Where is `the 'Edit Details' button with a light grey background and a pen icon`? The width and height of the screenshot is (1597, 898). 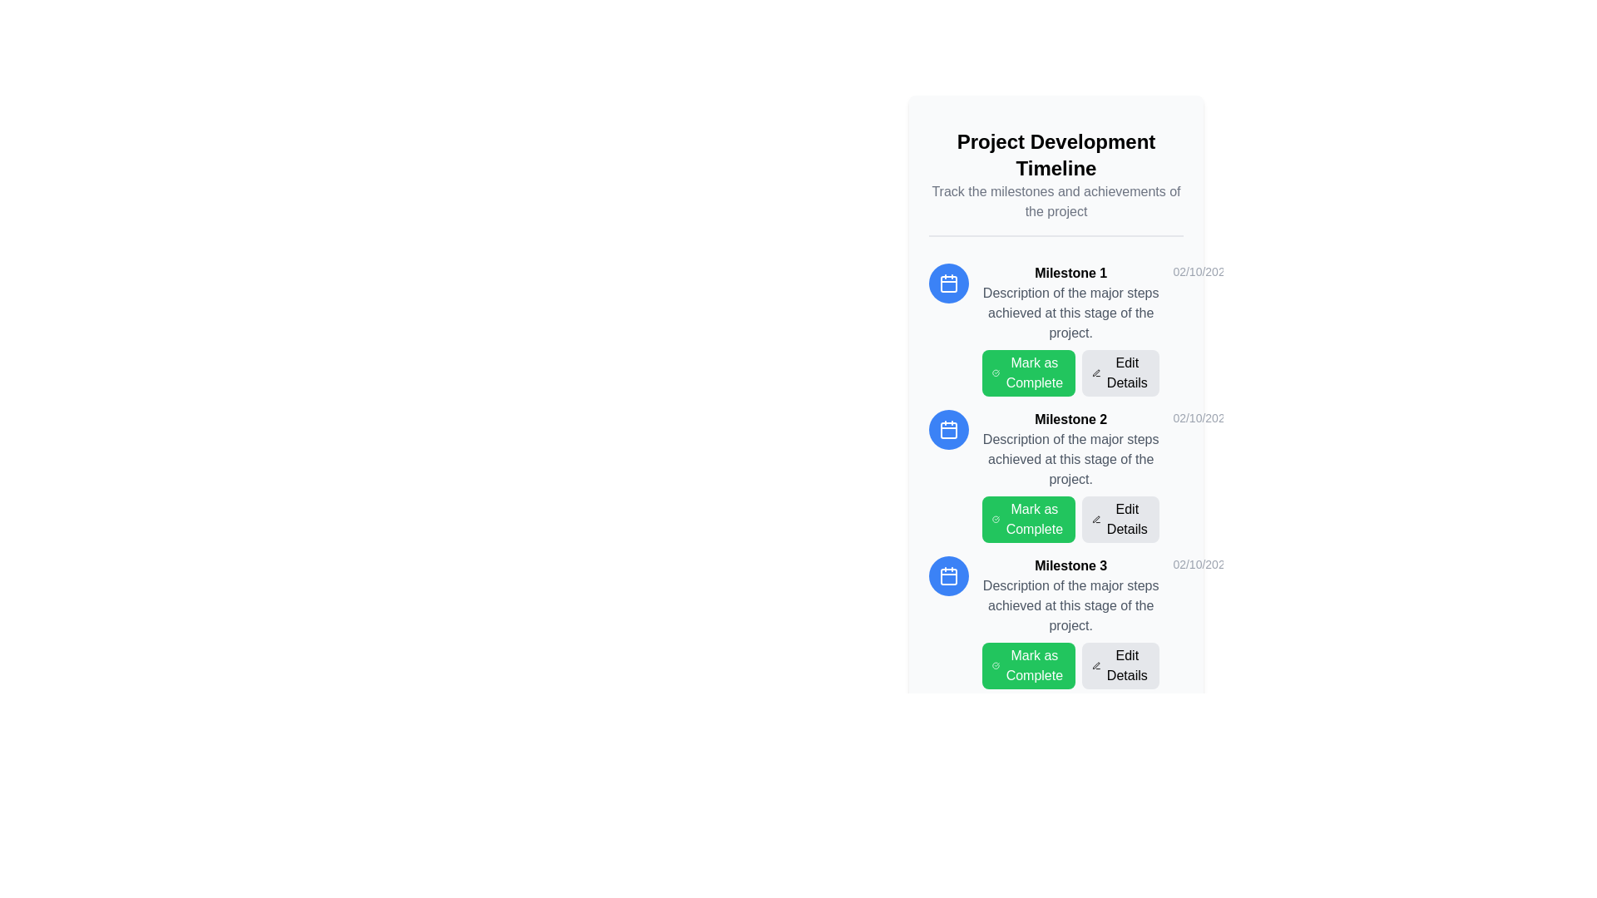
the 'Edit Details' button with a light grey background and a pen icon is located at coordinates (1121, 665).